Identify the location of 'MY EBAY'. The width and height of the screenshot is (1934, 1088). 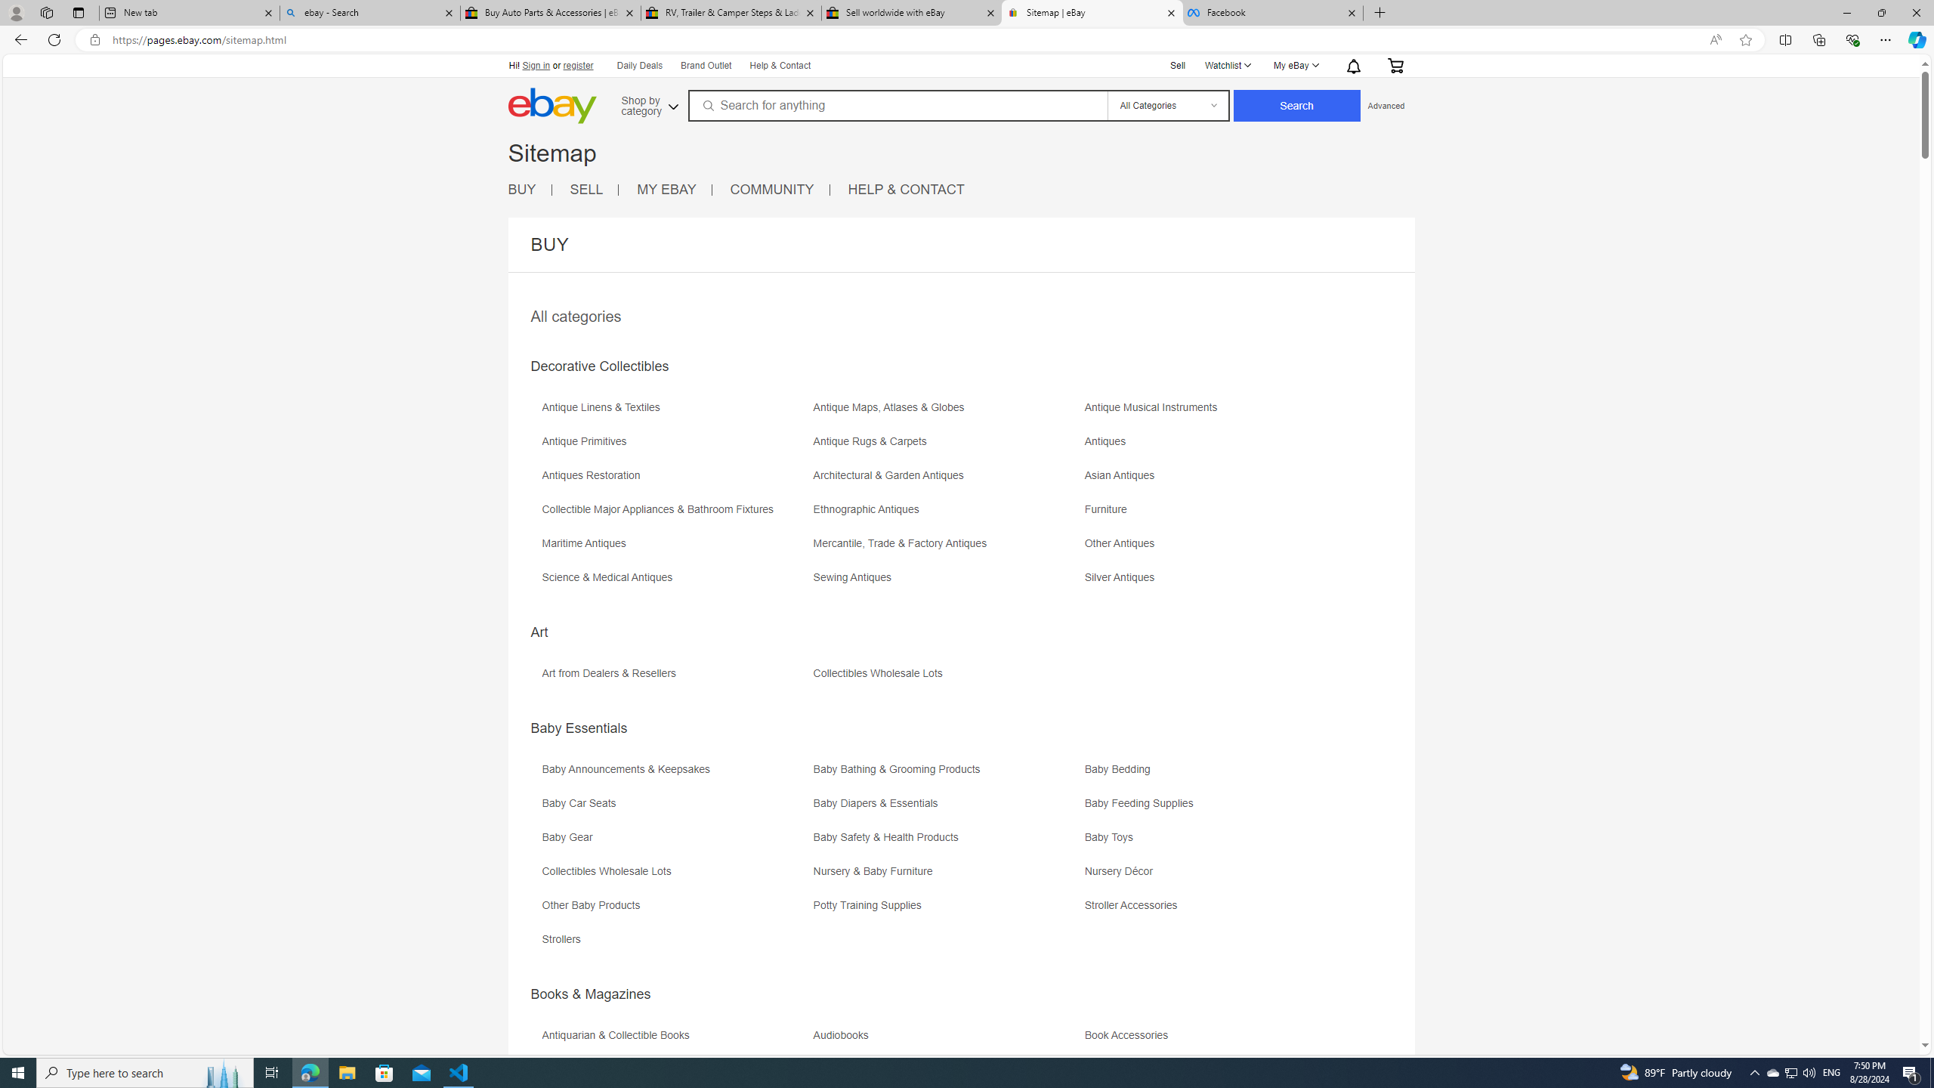
(674, 189).